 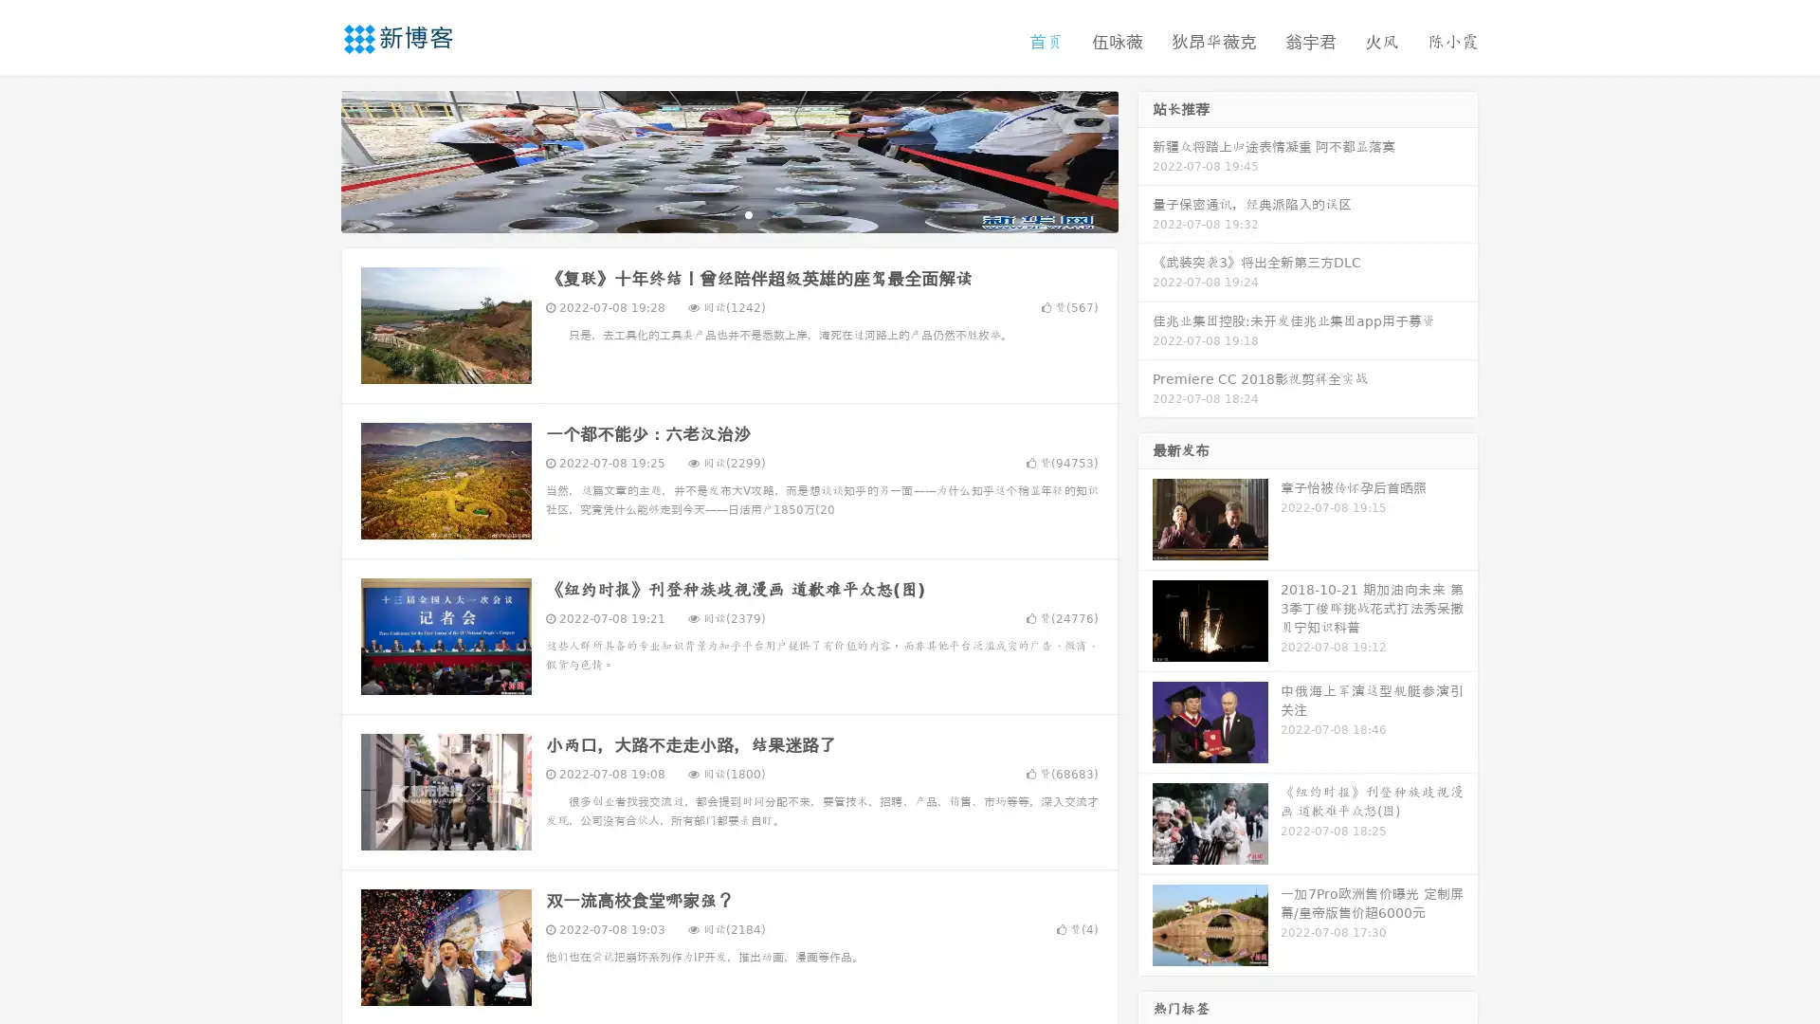 I want to click on Next slide, so click(x=1145, y=159).